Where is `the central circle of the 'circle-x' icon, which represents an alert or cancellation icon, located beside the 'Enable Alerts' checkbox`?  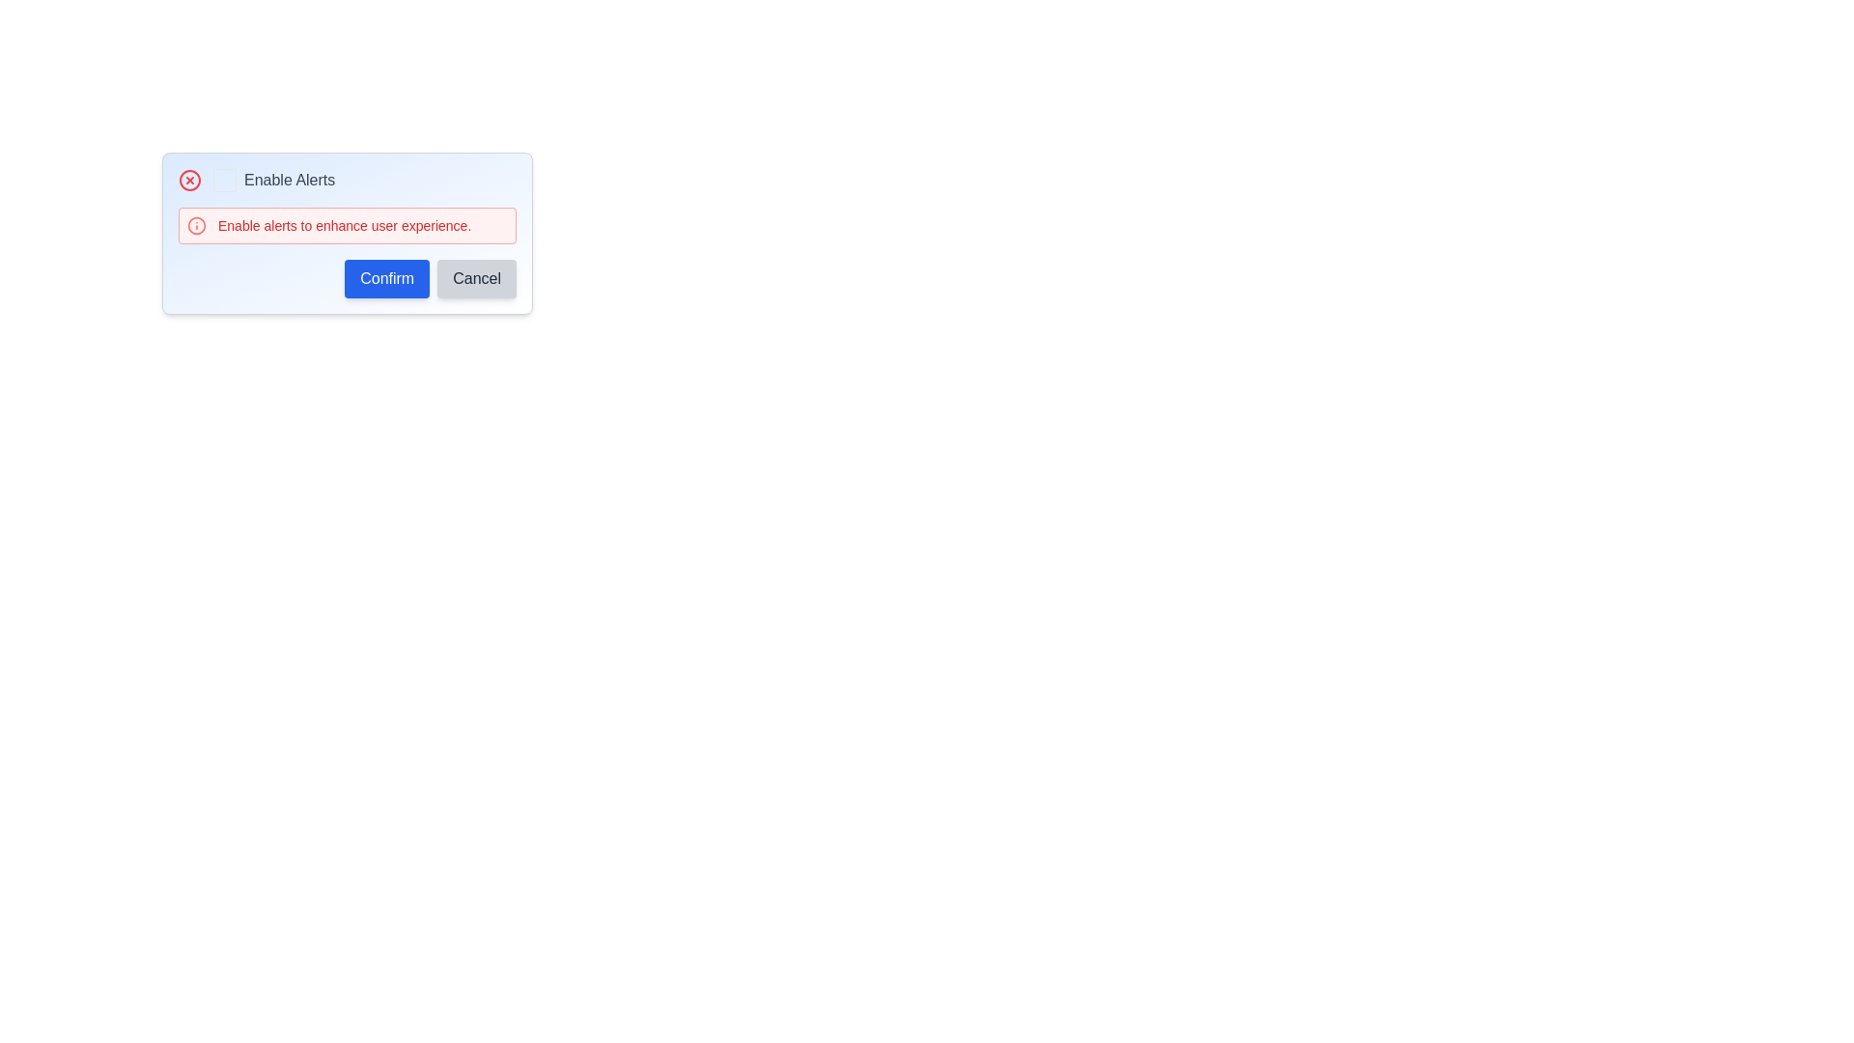
the central circle of the 'circle-x' icon, which represents an alert or cancellation icon, located beside the 'Enable Alerts' checkbox is located at coordinates (189, 180).